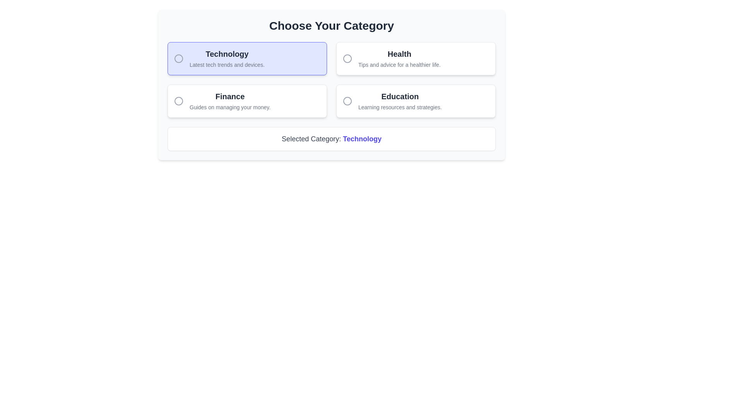  I want to click on the static text label that displays 'Tips and advice for a healthier life.' located beneath the 'Health' label in the 'Health' category section, so click(399, 64).